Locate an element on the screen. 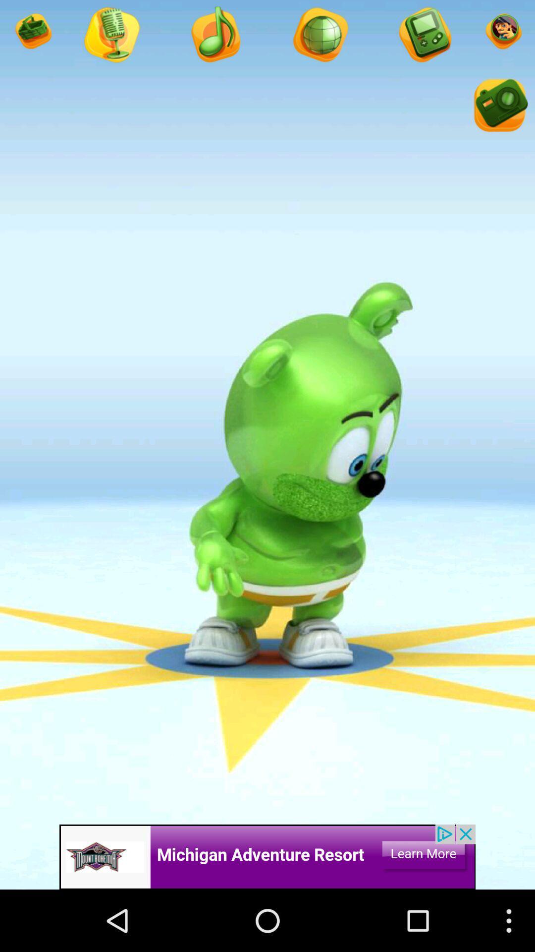  the avatar icon is located at coordinates (424, 38).